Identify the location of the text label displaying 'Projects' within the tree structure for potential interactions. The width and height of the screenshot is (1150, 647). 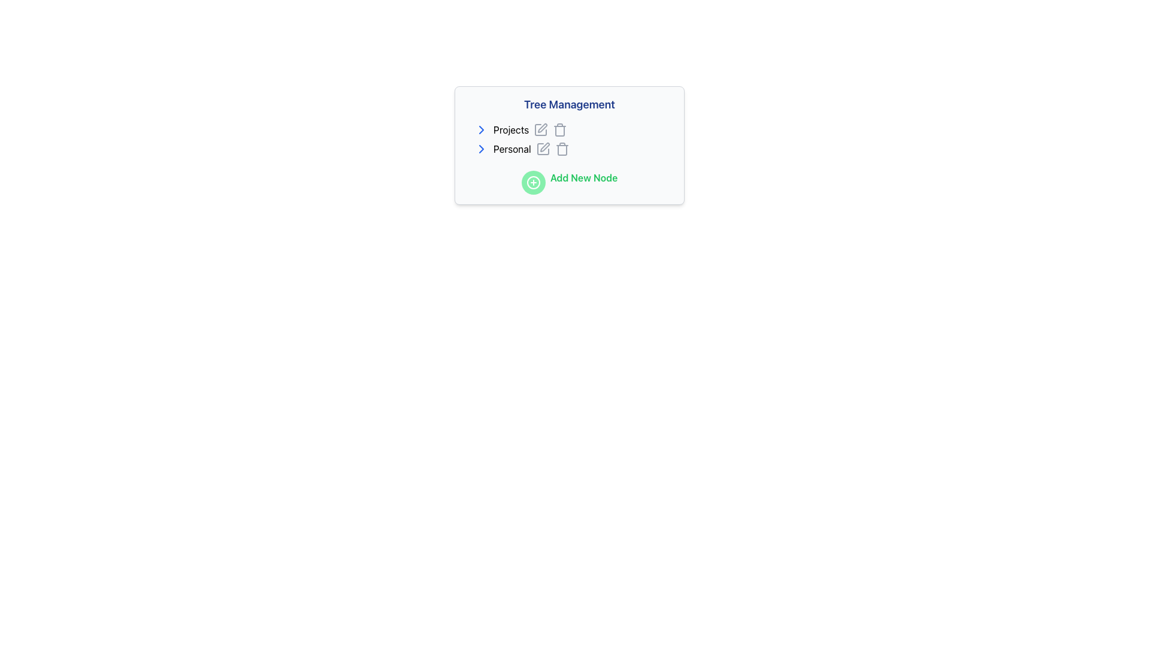
(511, 129).